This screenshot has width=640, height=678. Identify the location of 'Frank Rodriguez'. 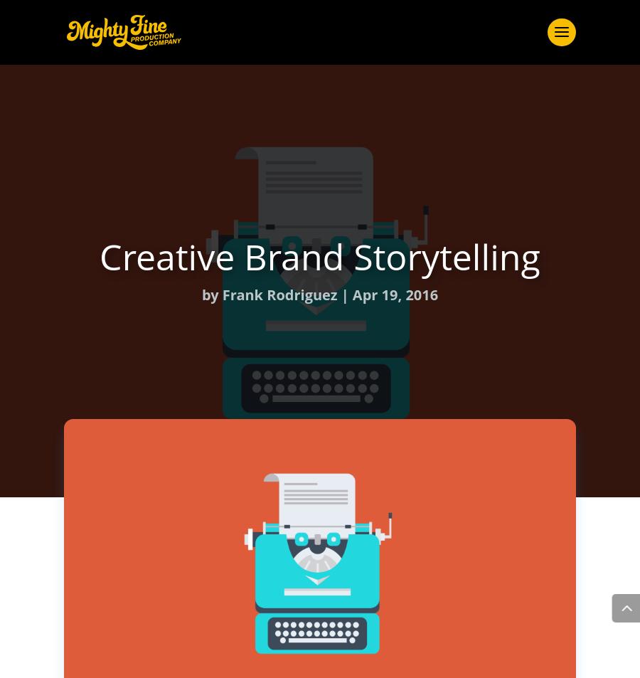
(279, 294).